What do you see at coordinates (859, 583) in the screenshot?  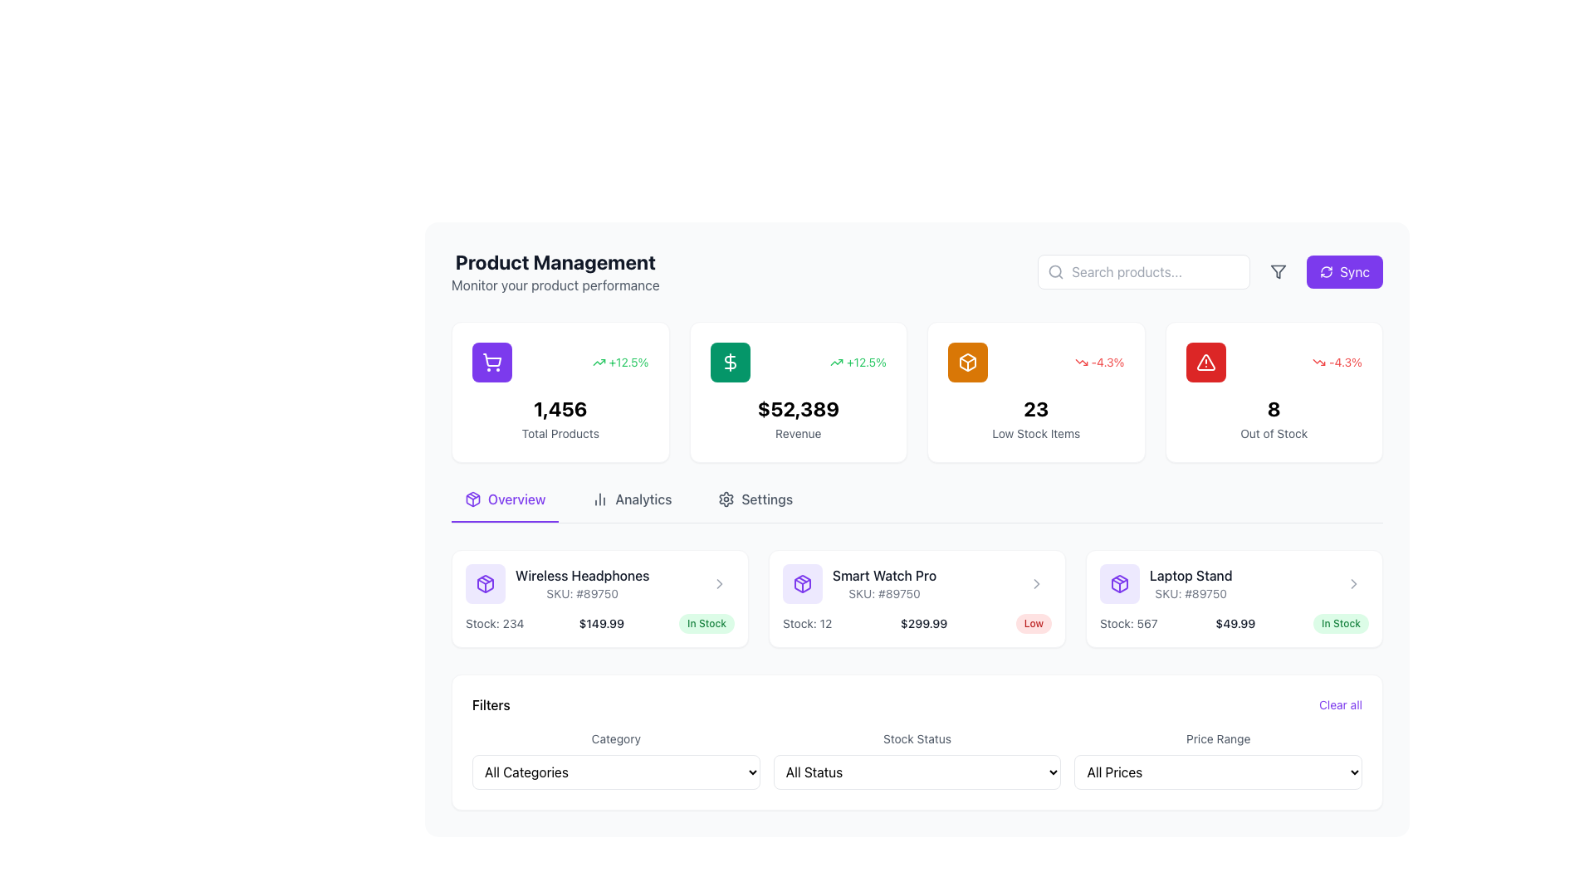 I see `the Card or List Item element featuring a violet package icon on the left with the text 'Smart Watch Pro' in bold and 'SKU: #89750' in gray, located in the middle of the second row of product cards under the 'Overview' tab` at bounding box center [859, 583].